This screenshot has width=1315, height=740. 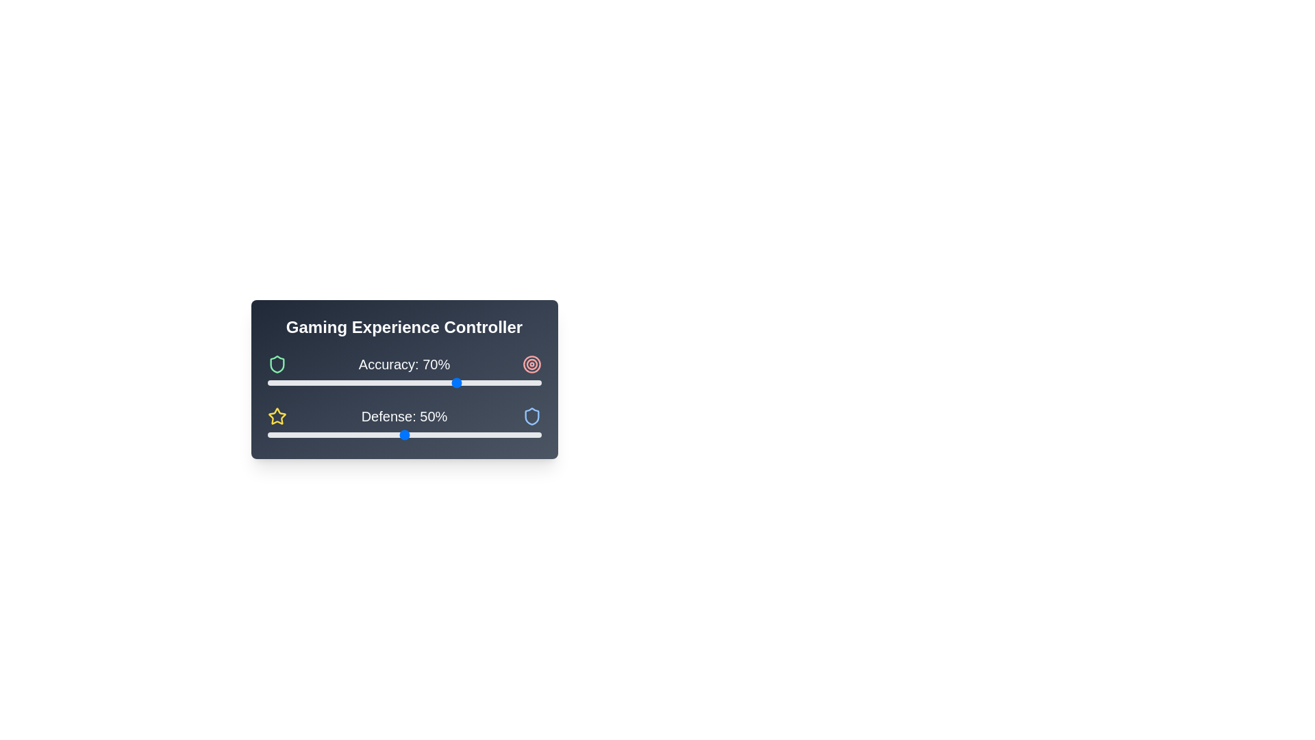 I want to click on the 'Defense' slider to set its value to 50% by dragging the slider to the corresponding position, so click(x=403, y=435).